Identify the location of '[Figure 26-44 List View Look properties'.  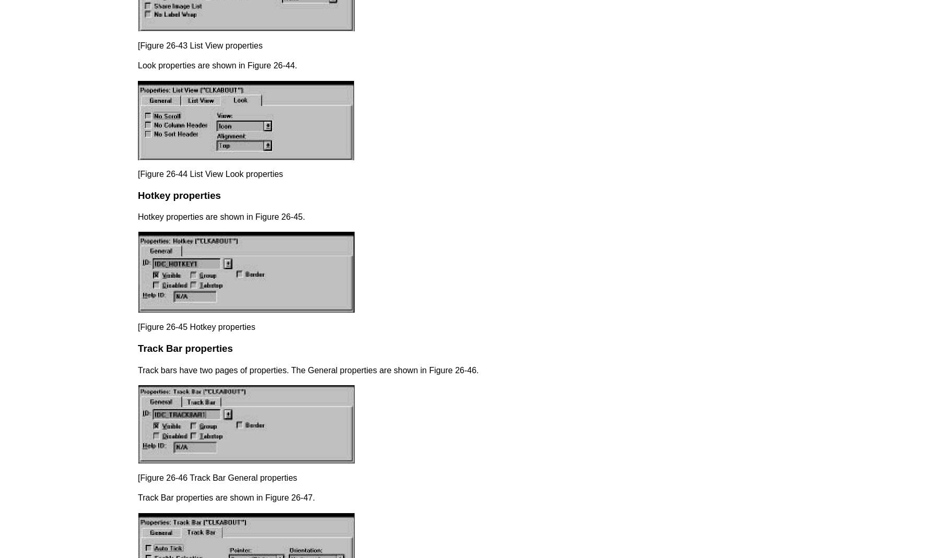
(137, 173).